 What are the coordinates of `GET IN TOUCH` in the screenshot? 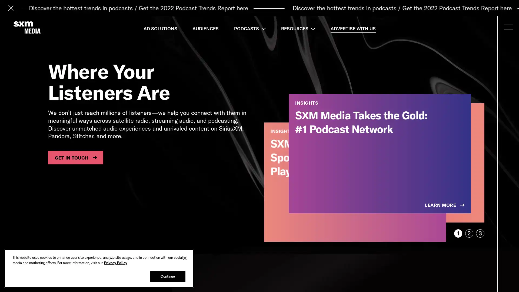 It's located at (75, 157).